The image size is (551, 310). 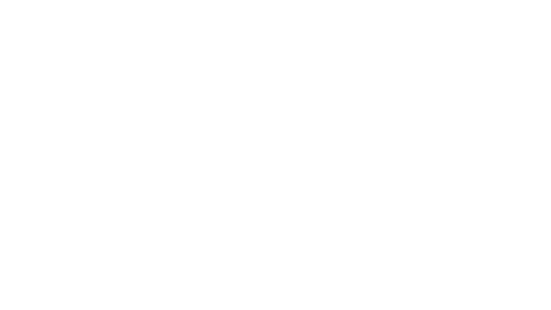 What do you see at coordinates (508, 13) in the screenshot?
I see `Google apps` at bounding box center [508, 13].